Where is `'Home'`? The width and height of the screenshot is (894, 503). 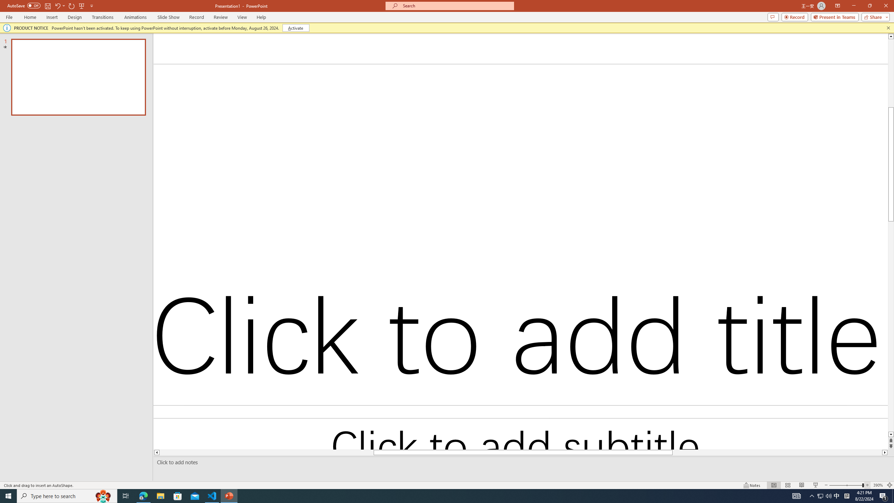 'Home' is located at coordinates (30, 17).